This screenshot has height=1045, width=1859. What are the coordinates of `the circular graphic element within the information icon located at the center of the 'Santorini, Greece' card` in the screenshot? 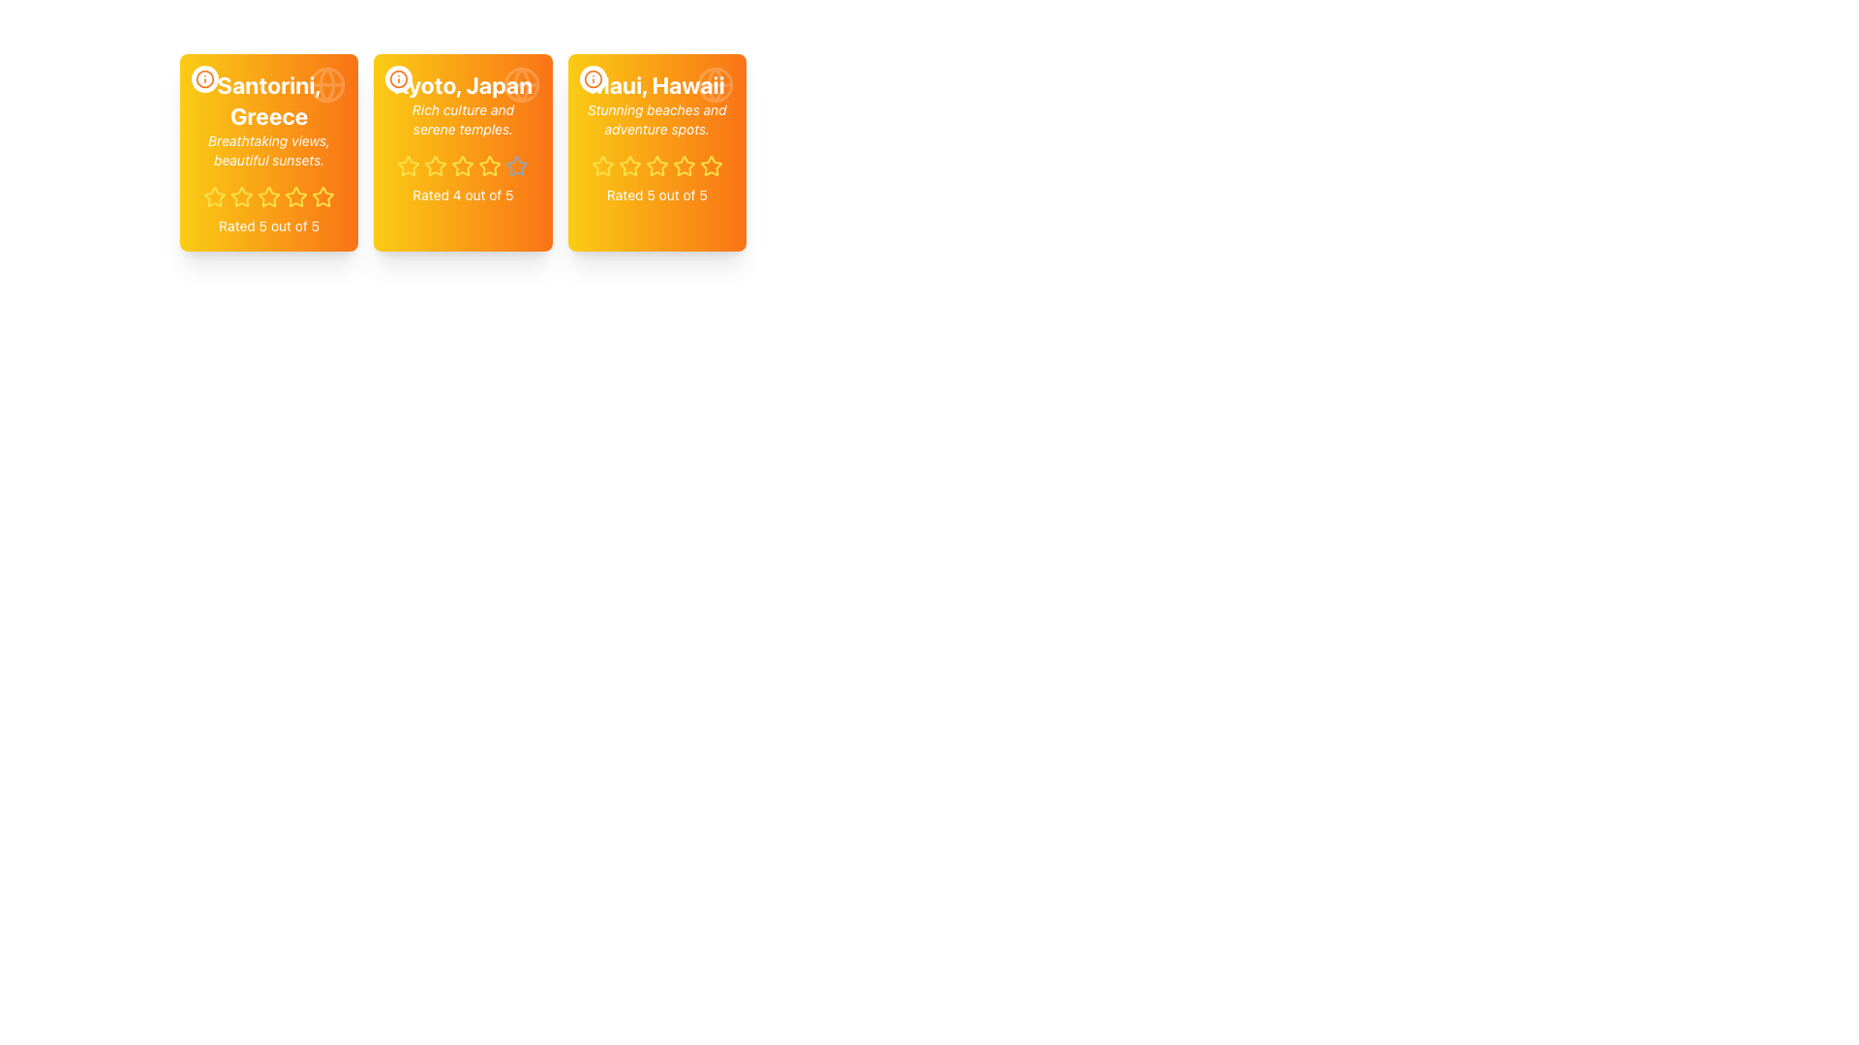 It's located at (204, 77).